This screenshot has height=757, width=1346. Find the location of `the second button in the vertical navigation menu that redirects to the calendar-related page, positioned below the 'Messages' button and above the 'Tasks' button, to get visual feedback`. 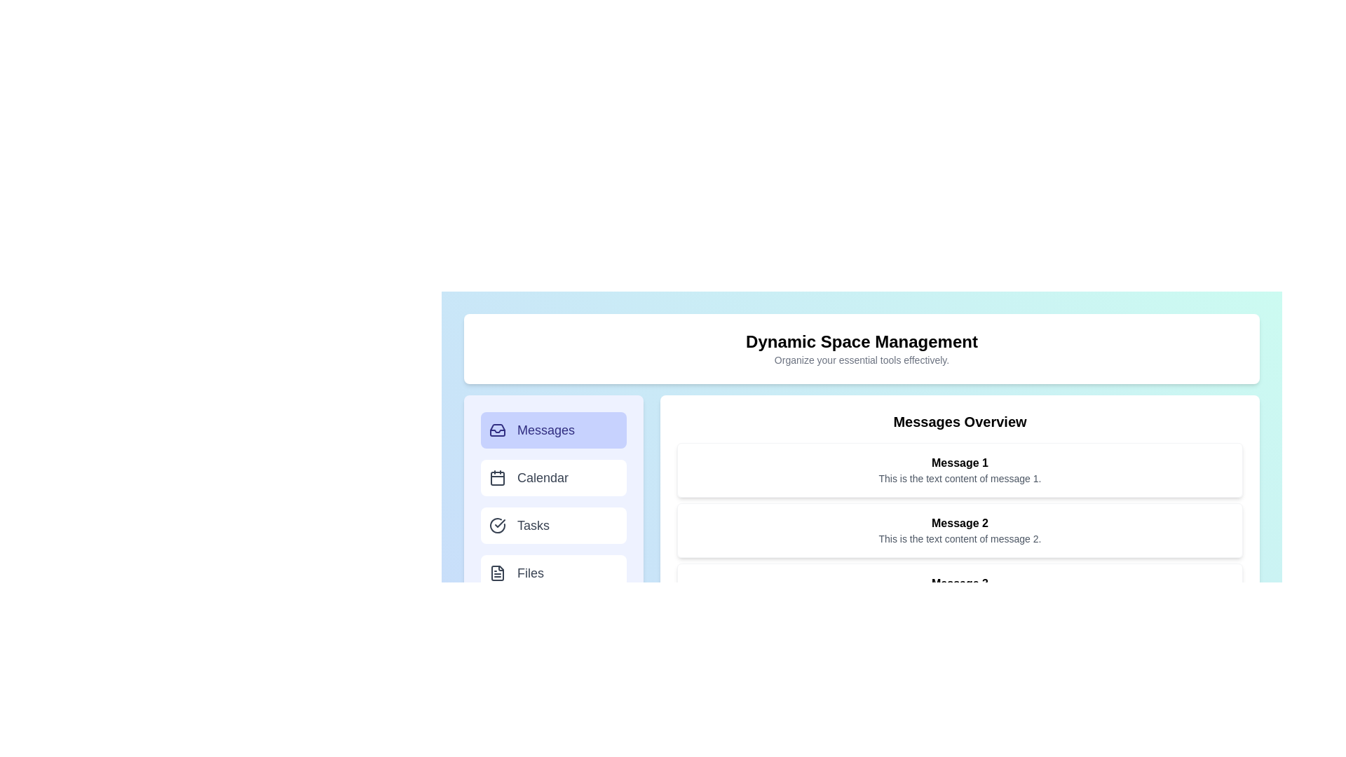

the second button in the vertical navigation menu that redirects to the calendar-related page, positioned below the 'Messages' button and above the 'Tasks' button, to get visual feedback is located at coordinates (553, 477).